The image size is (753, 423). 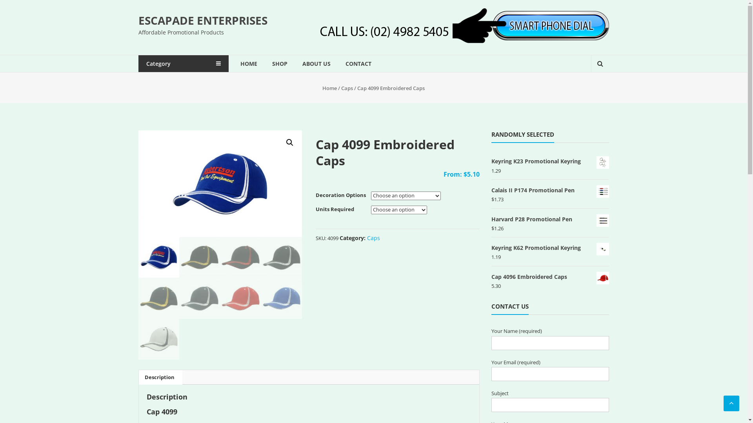 What do you see at coordinates (357, 63) in the screenshot?
I see `'CONTACT'` at bounding box center [357, 63].